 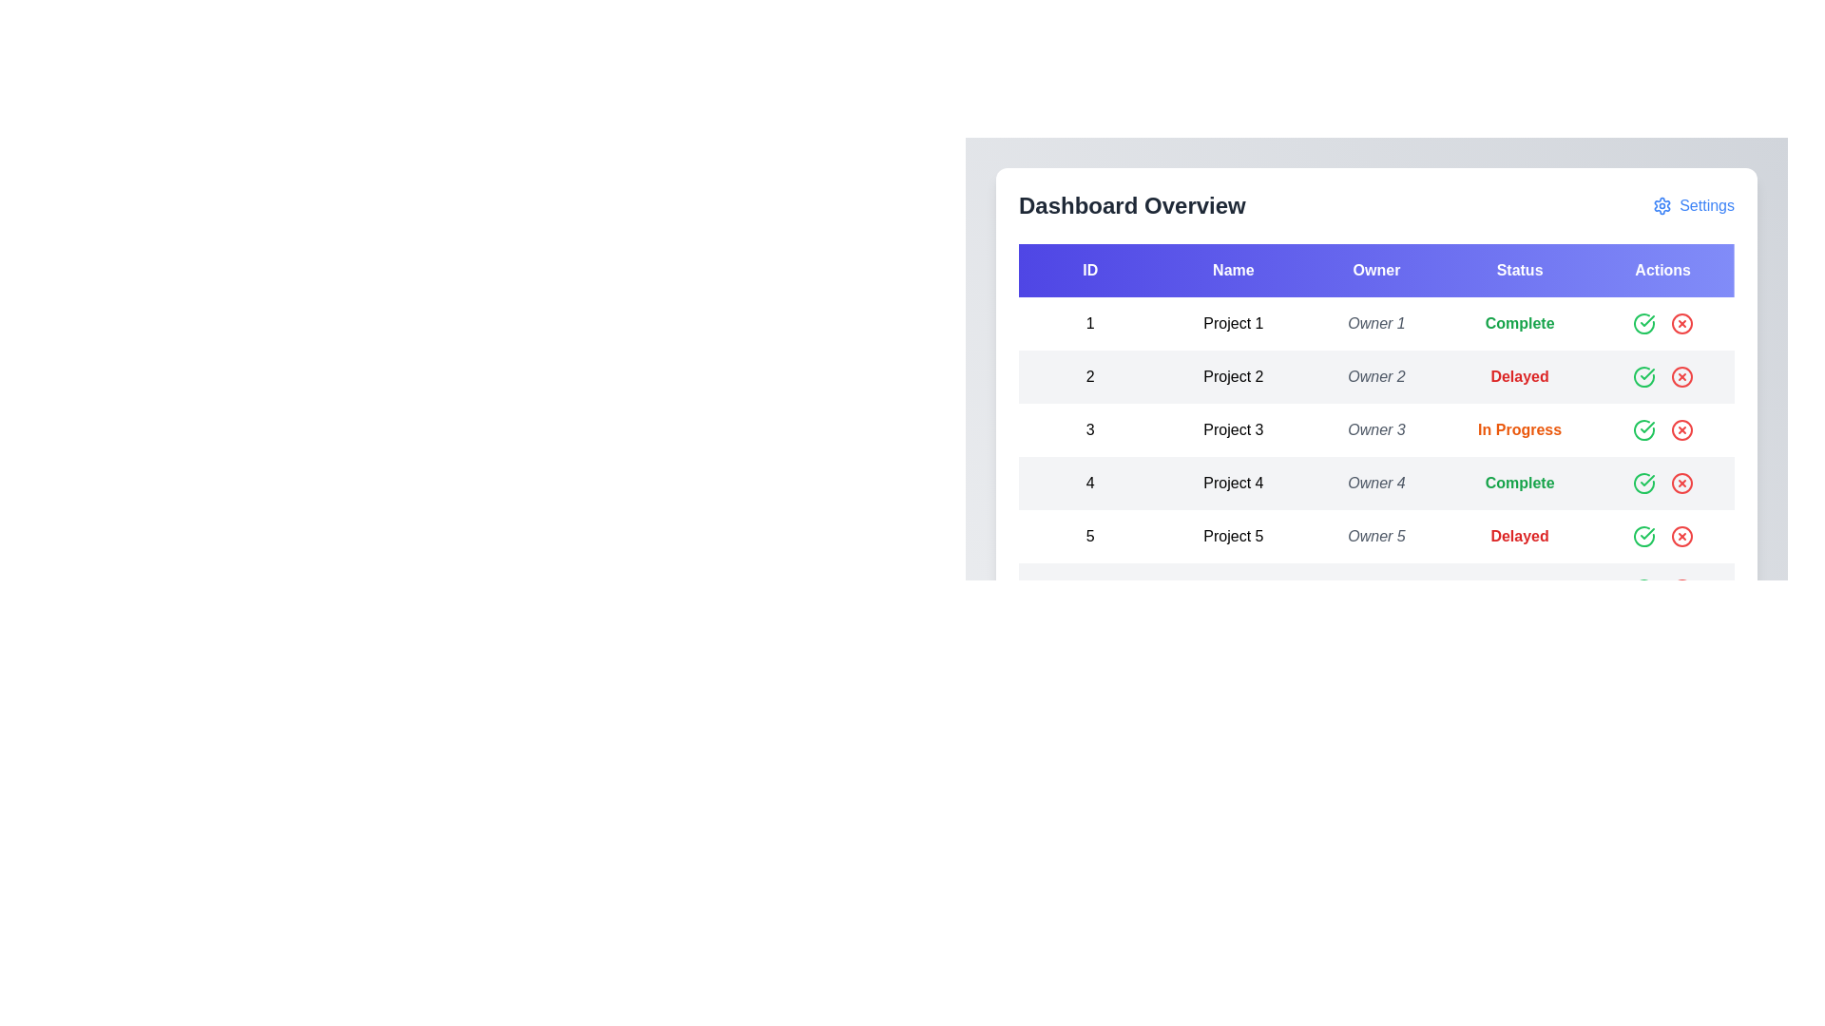 What do you see at coordinates (1642, 483) in the screenshot?
I see `green button in the actions column for the task with ID 4` at bounding box center [1642, 483].